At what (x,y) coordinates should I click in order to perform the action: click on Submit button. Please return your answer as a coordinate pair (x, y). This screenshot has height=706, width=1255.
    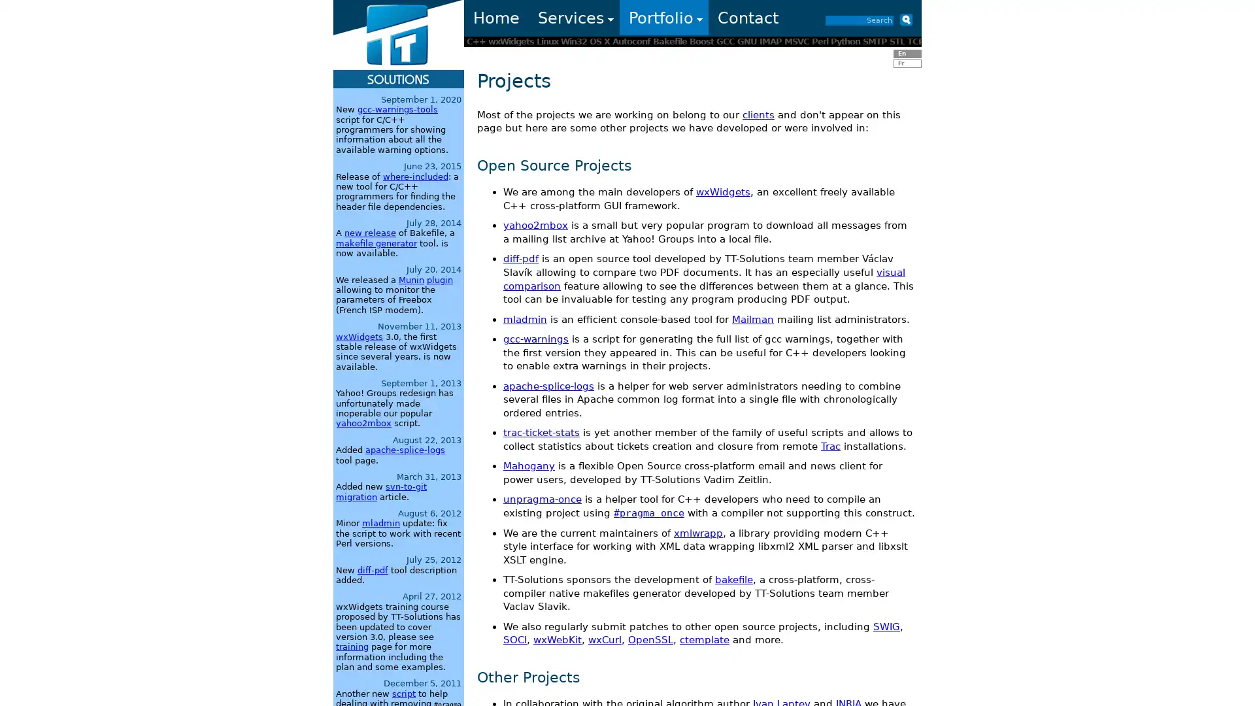
    Looking at the image, I should click on (905, 20).